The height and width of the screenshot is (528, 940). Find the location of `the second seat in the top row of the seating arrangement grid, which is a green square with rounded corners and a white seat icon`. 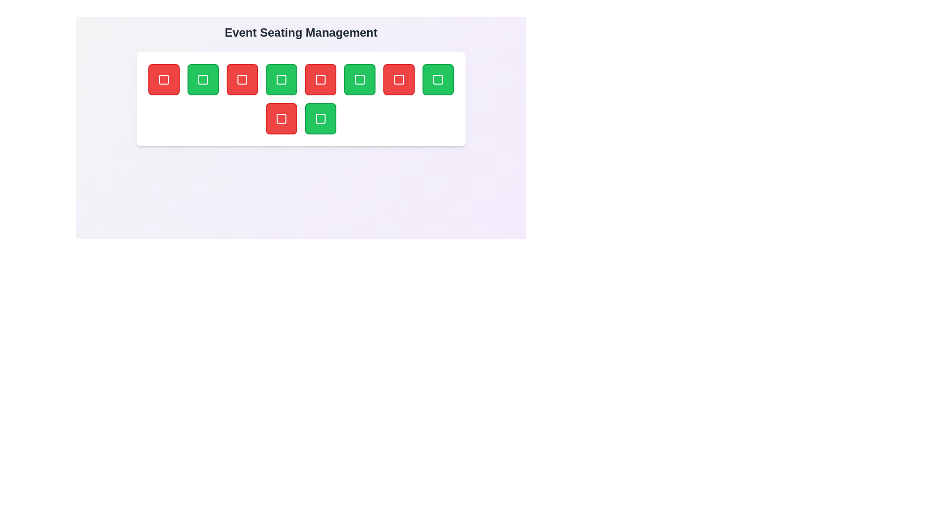

the second seat in the top row of the seating arrangement grid, which is a green square with rounded corners and a white seat icon is located at coordinates (202, 79).